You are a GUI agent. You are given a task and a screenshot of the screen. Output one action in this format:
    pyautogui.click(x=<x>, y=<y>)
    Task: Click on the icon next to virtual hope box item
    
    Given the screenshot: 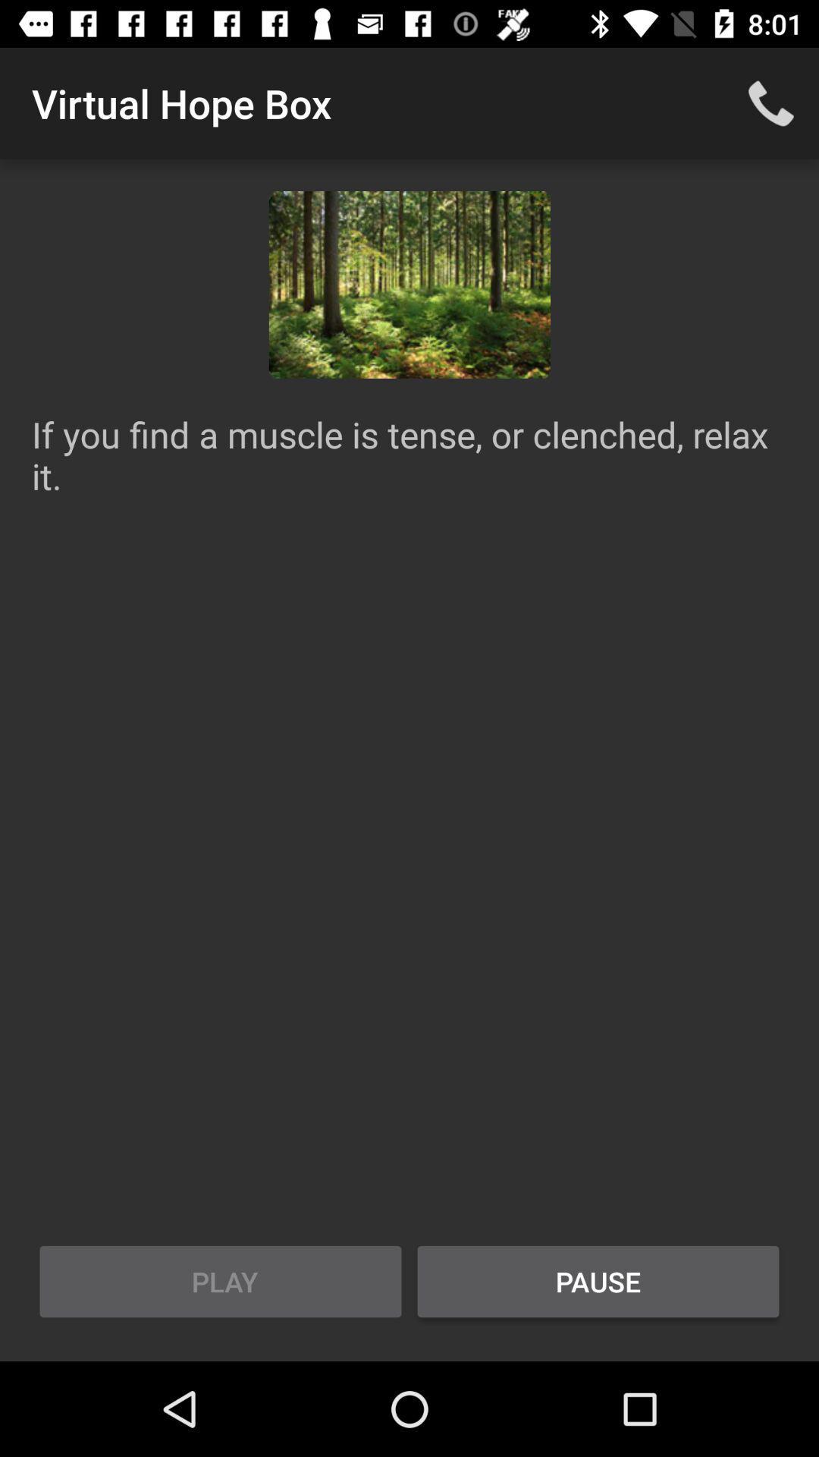 What is the action you would take?
    pyautogui.click(x=771, y=102)
    